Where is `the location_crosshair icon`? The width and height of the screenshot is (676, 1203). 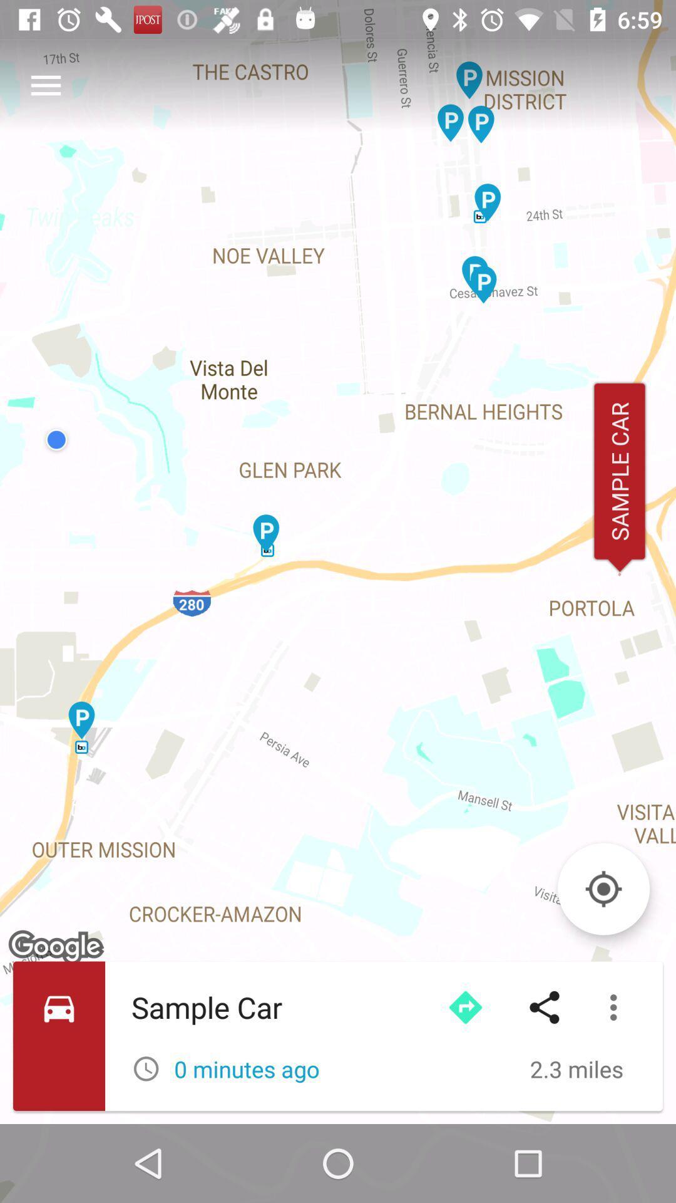 the location_crosshair icon is located at coordinates (603, 888).